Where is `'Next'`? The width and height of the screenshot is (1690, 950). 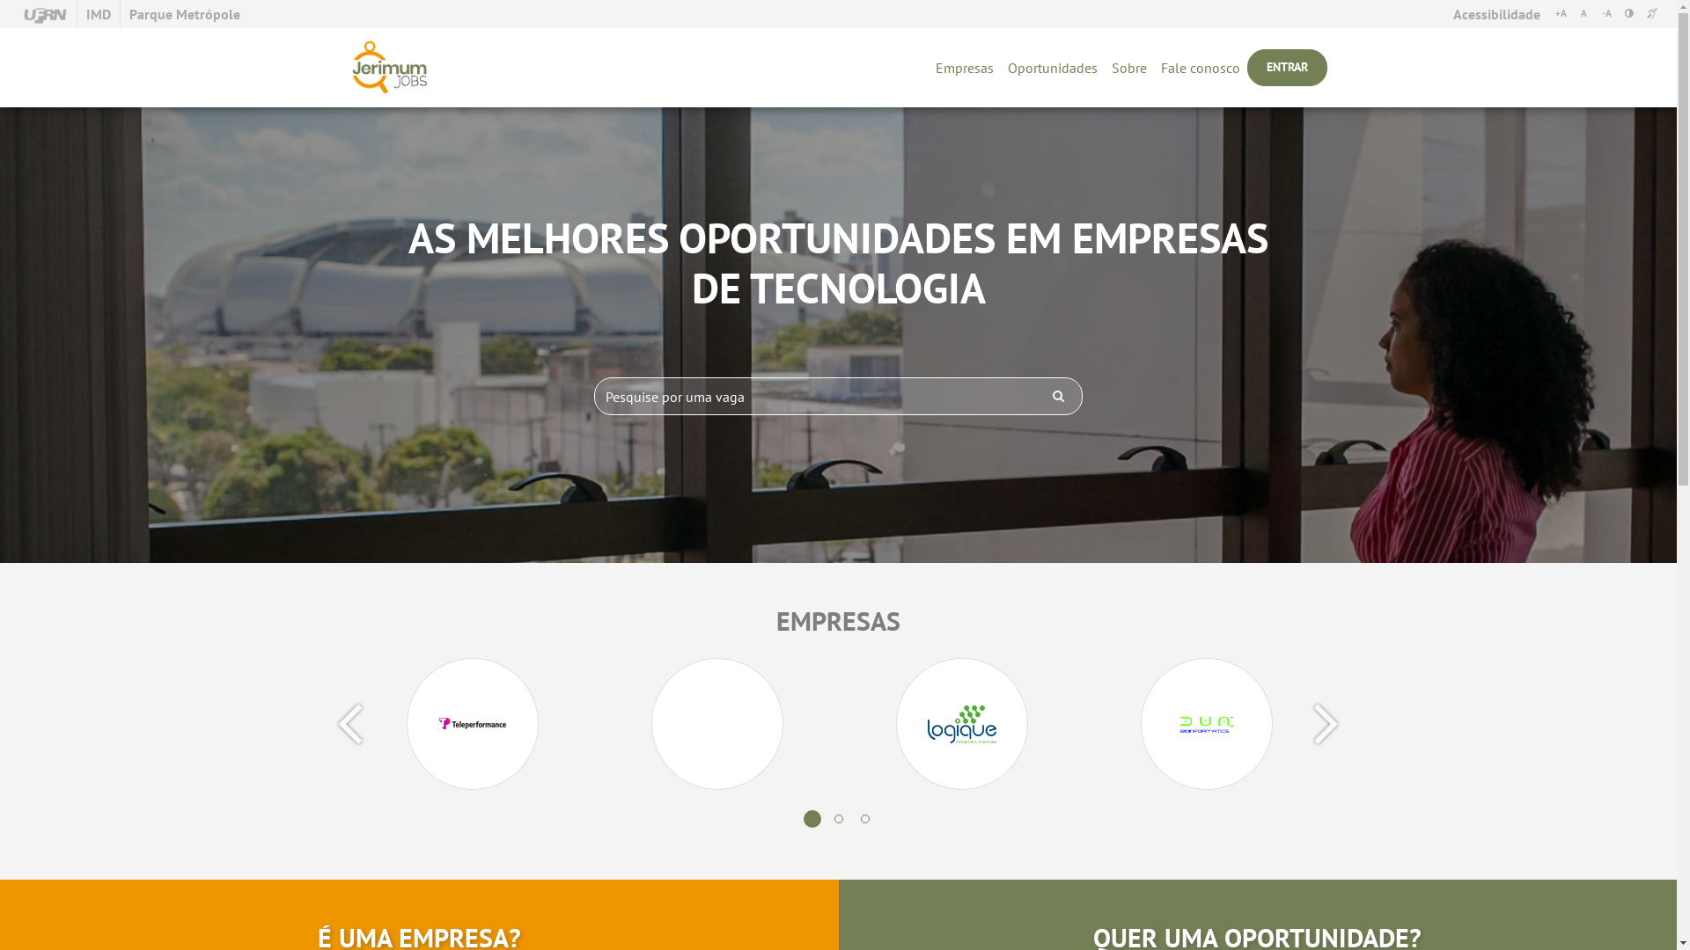 'Next' is located at coordinates (1326, 721).